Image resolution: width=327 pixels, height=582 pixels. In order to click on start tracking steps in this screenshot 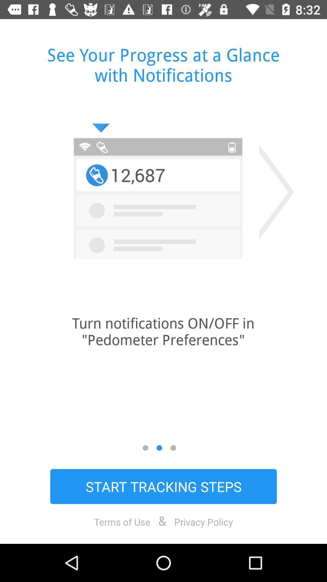, I will do `click(163, 486)`.